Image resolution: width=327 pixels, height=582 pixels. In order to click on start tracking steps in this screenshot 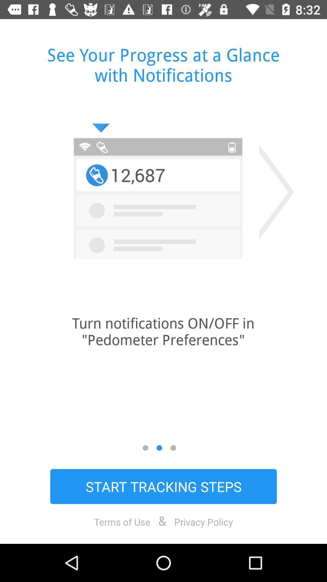, I will do `click(163, 486)`.